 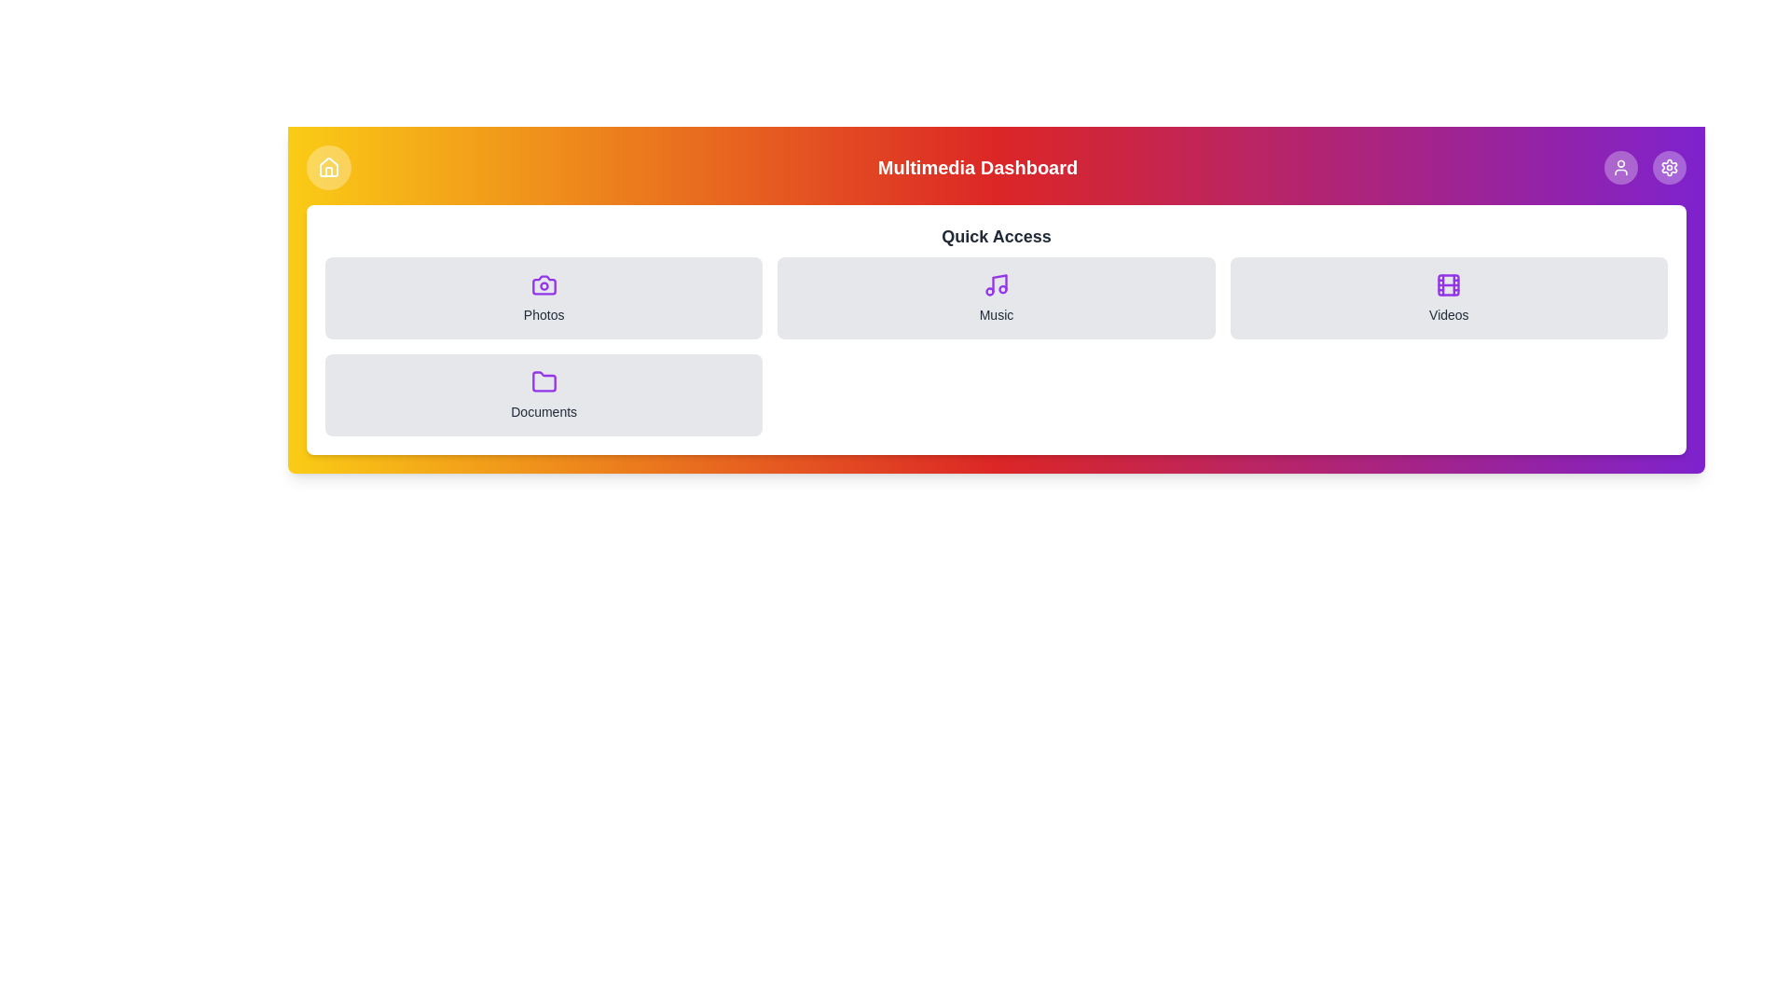 I want to click on the User button in the navigation bar, so click(x=1619, y=168).